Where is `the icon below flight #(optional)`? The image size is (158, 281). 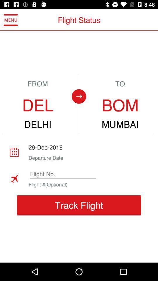
the icon below flight #(optional) is located at coordinates (79, 205).